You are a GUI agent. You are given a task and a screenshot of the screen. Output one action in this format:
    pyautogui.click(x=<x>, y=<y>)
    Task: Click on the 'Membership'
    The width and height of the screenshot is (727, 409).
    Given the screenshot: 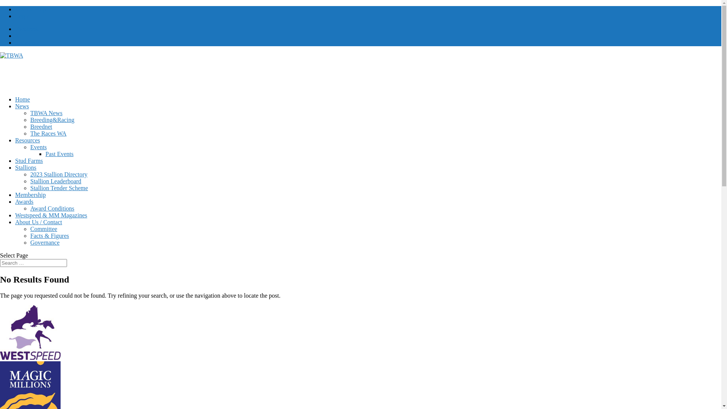 What is the action you would take?
    pyautogui.click(x=30, y=194)
    